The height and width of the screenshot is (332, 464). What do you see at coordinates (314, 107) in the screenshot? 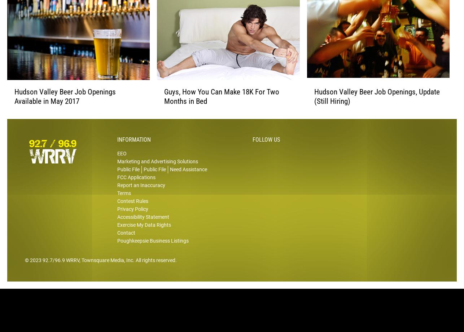
I see `'Hudson Valley Beer Job Openings, Update (Still Hiring)'` at bounding box center [314, 107].